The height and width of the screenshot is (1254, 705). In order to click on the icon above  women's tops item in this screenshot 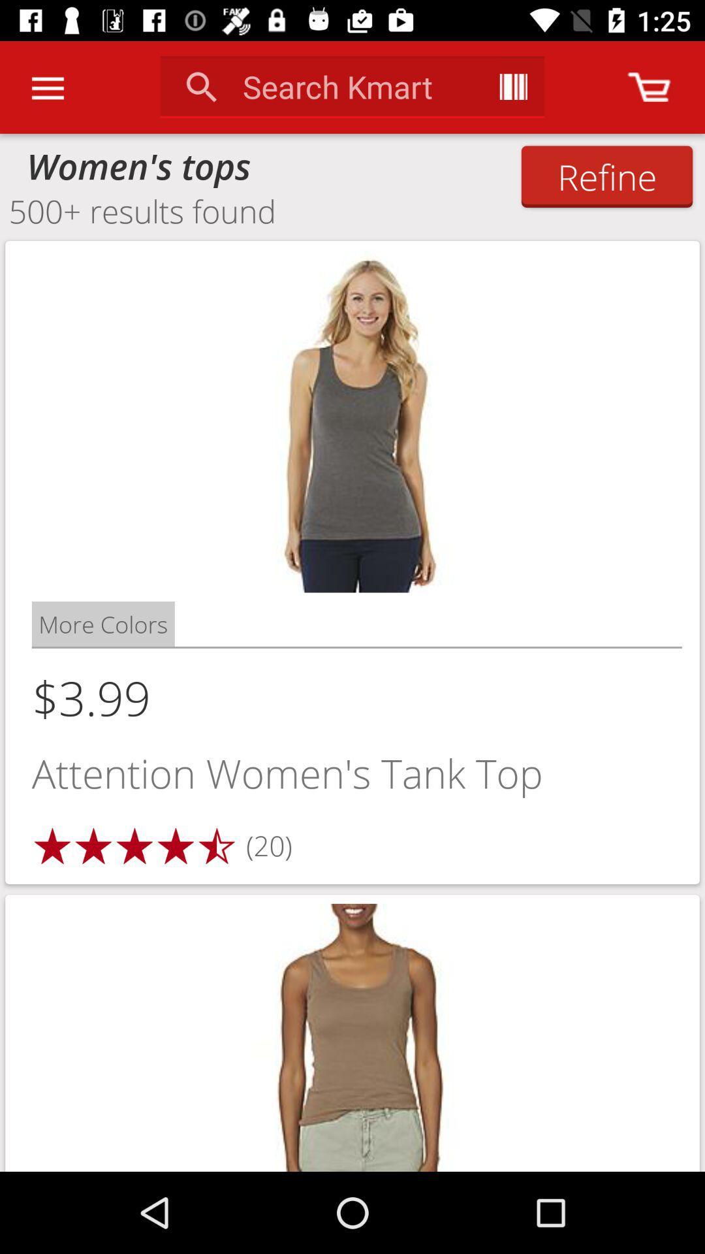, I will do `click(47, 87)`.